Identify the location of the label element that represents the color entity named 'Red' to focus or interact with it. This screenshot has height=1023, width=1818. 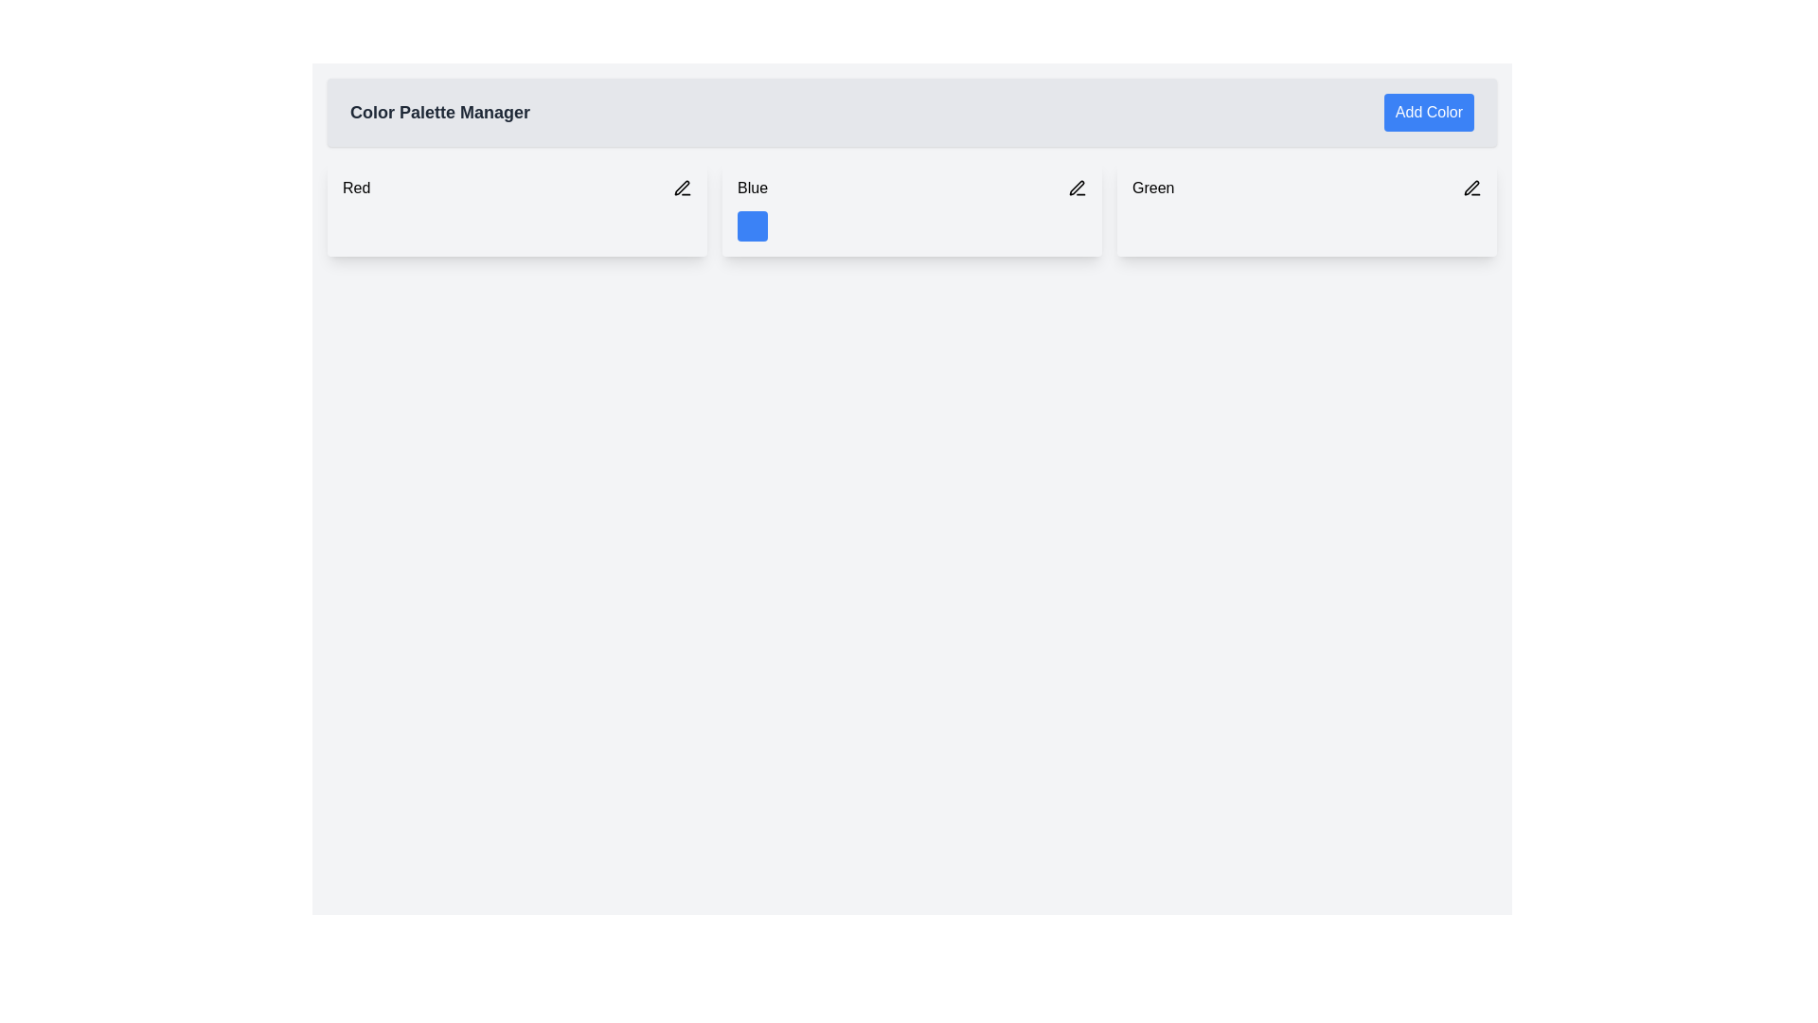
(517, 188).